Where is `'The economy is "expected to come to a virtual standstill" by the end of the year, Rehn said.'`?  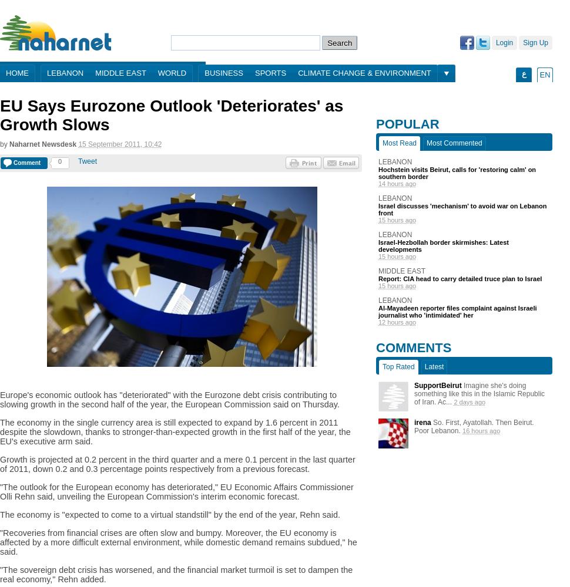
'The economy is "expected to come to a virtual standstill" by the end of the year, Rehn said.' is located at coordinates (169, 515).